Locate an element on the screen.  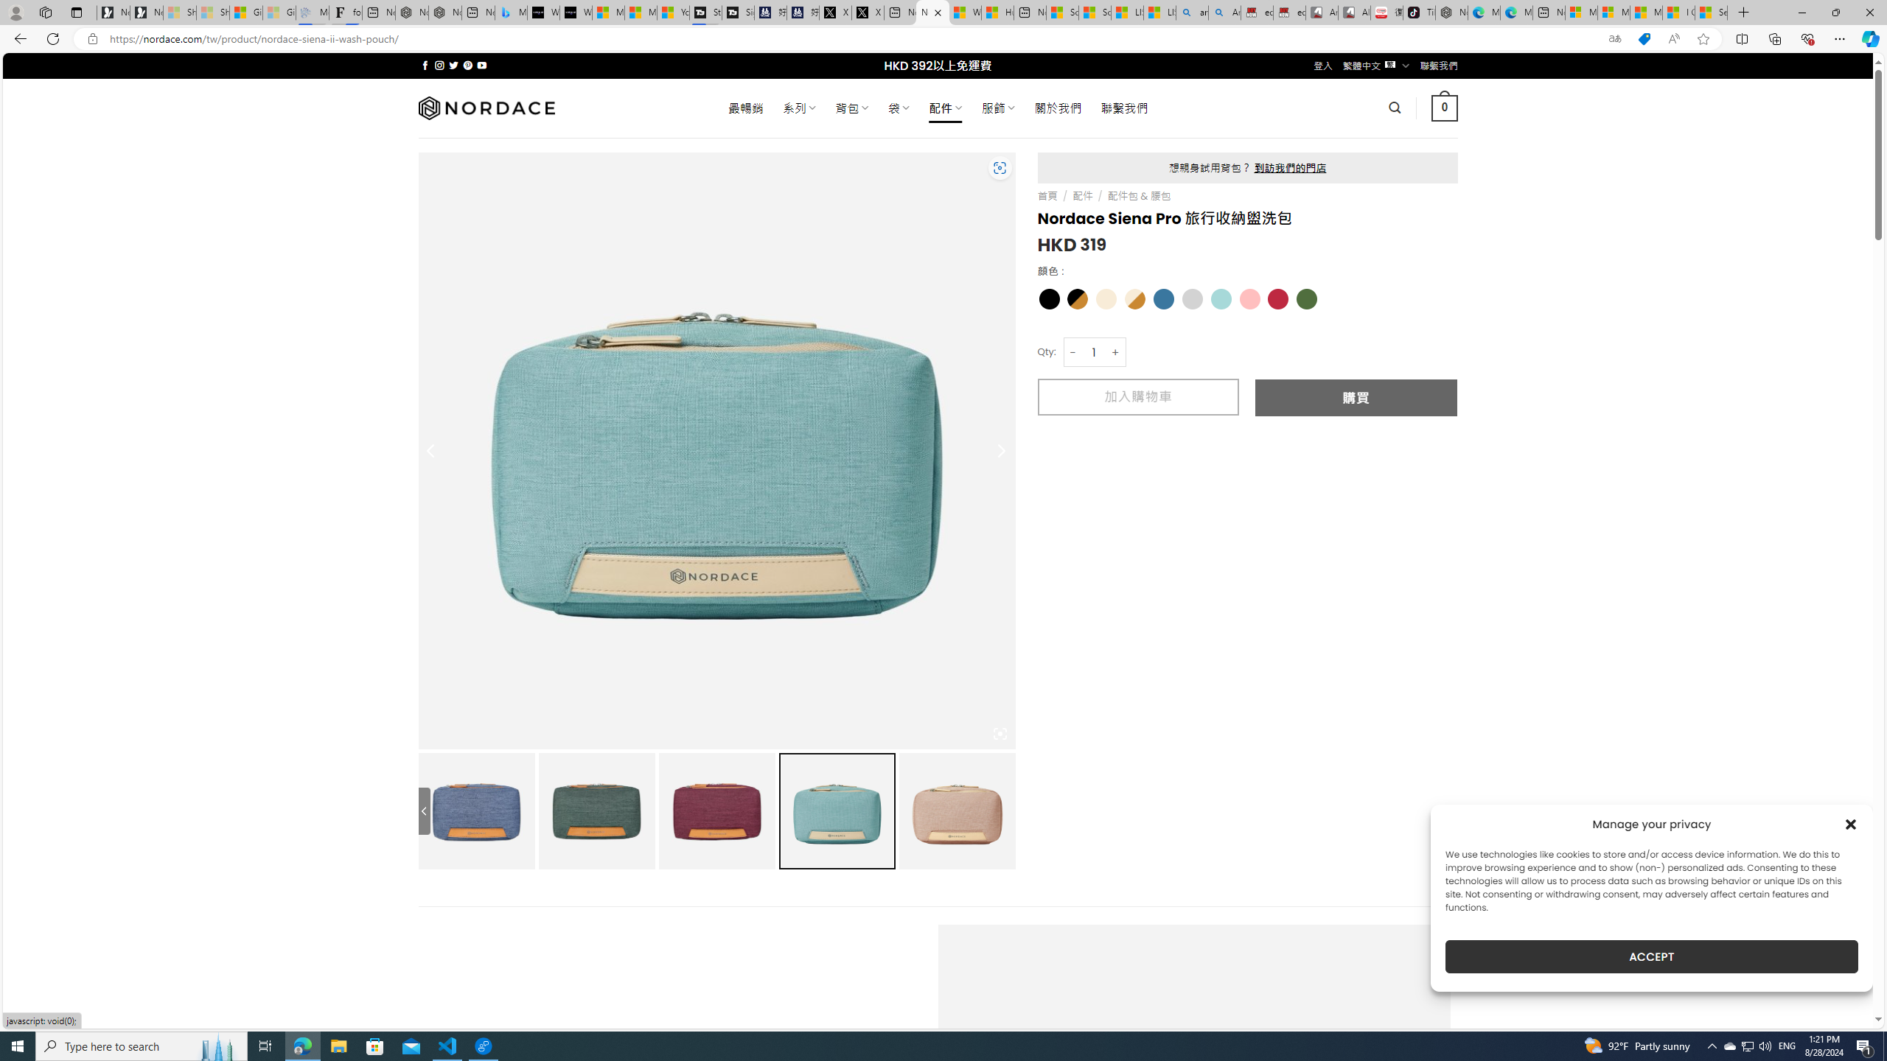
'Follow on Facebook' is located at coordinates (425, 65).